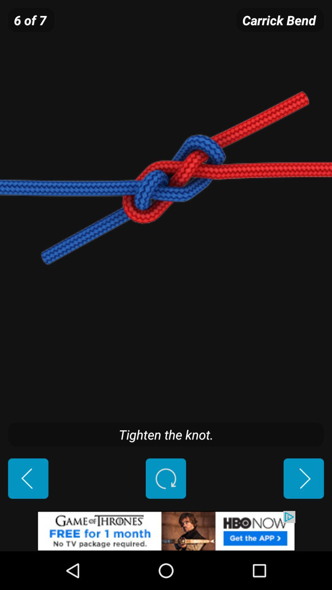 Image resolution: width=332 pixels, height=590 pixels. What do you see at coordinates (166, 531) in the screenshot?
I see `advertisement source` at bounding box center [166, 531].